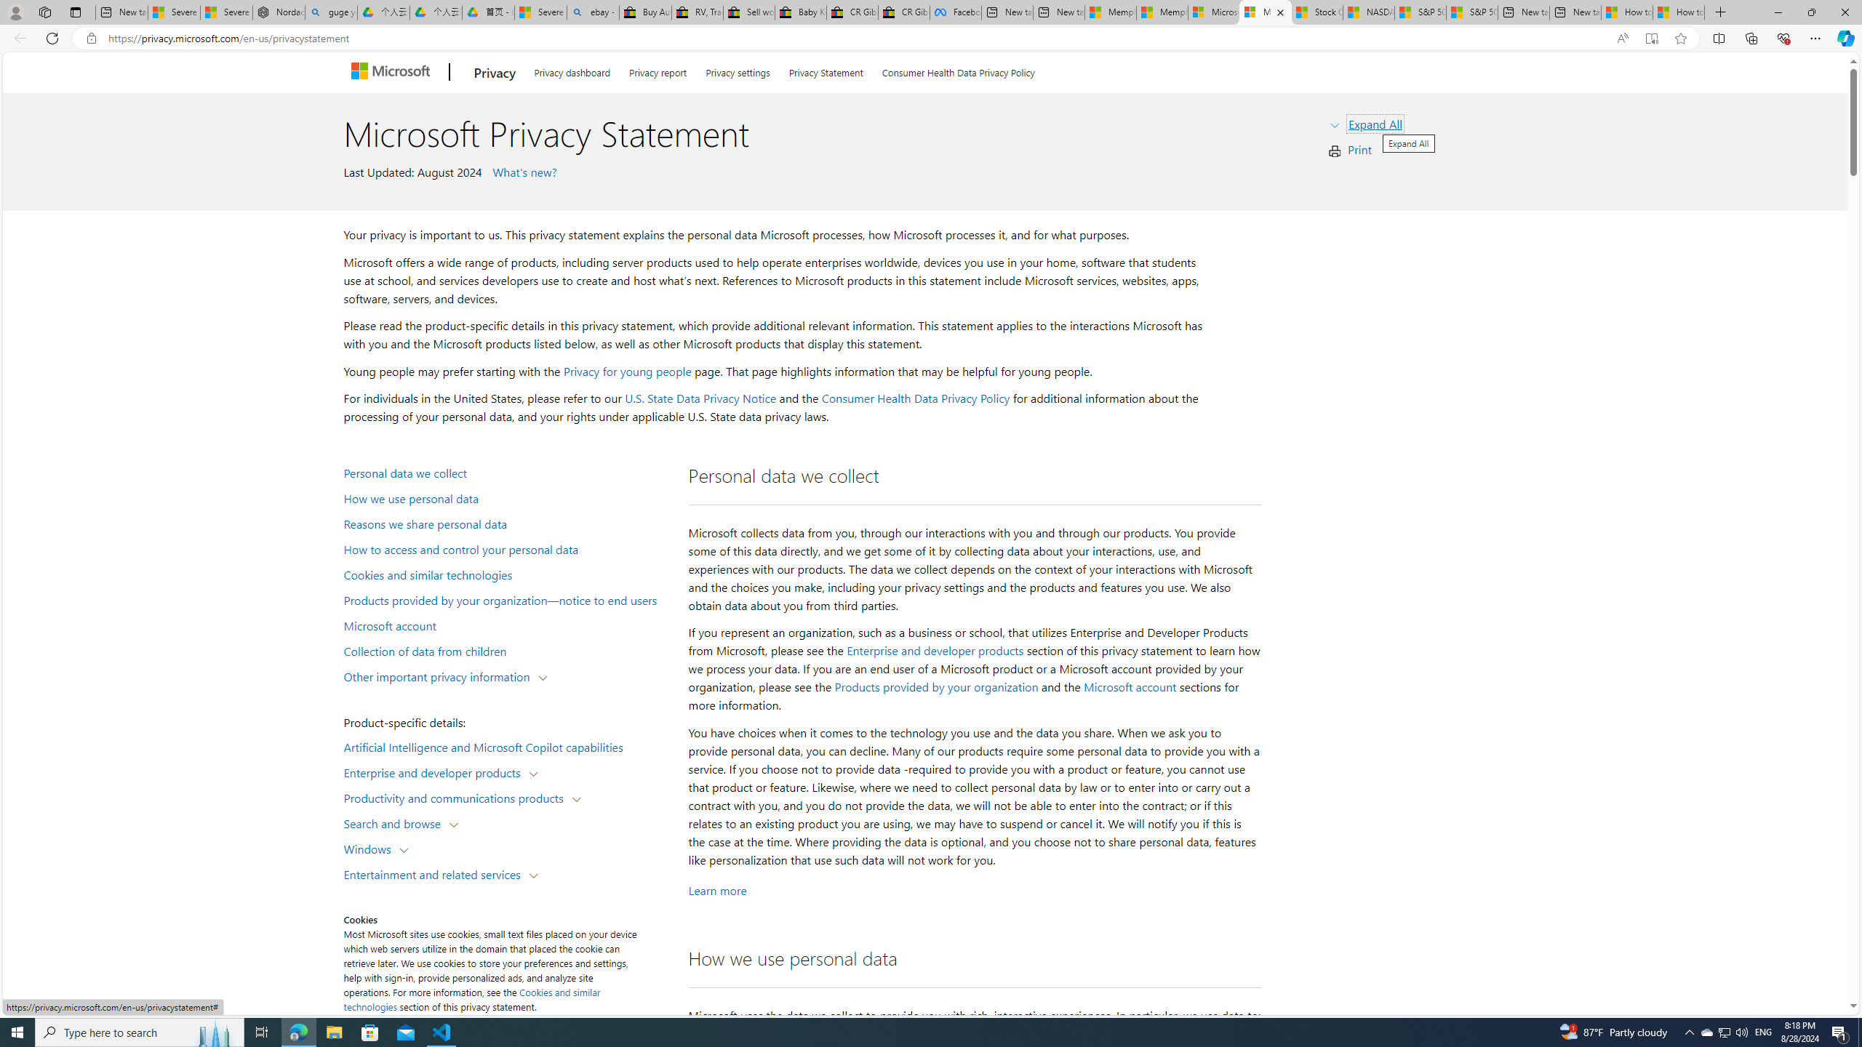 Image resolution: width=1862 pixels, height=1047 pixels. I want to click on 'Privacy Statement', so click(825, 69).